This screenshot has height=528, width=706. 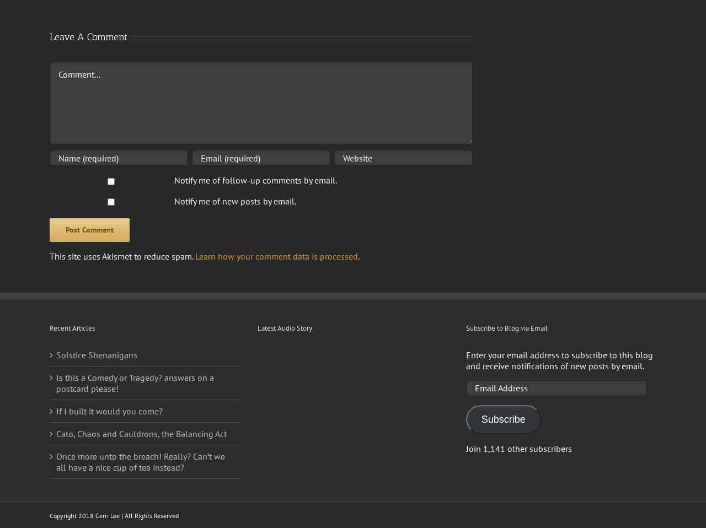 What do you see at coordinates (466, 447) in the screenshot?
I see `'Join 1,141 other subscribers'` at bounding box center [466, 447].